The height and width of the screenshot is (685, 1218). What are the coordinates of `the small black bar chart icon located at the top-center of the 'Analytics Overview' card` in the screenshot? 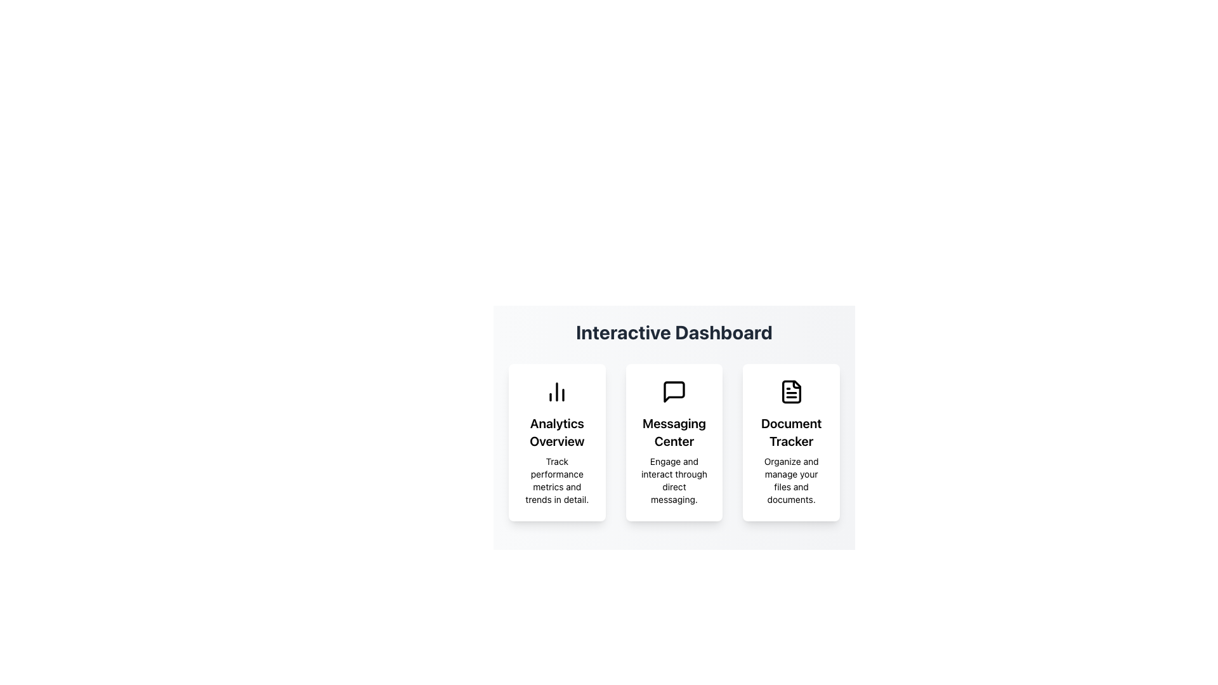 It's located at (557, 391).